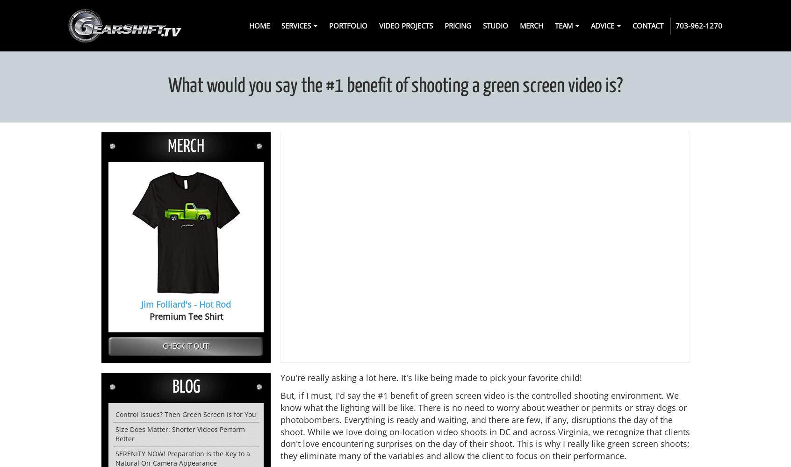 The height and width of the screenshot is (467, 791). What do you see at coordinates (180, 433) in the screenshot?
I see `'Size Does Matter: Shorter Videos Perform Better'` at bounding box center [180, 433].